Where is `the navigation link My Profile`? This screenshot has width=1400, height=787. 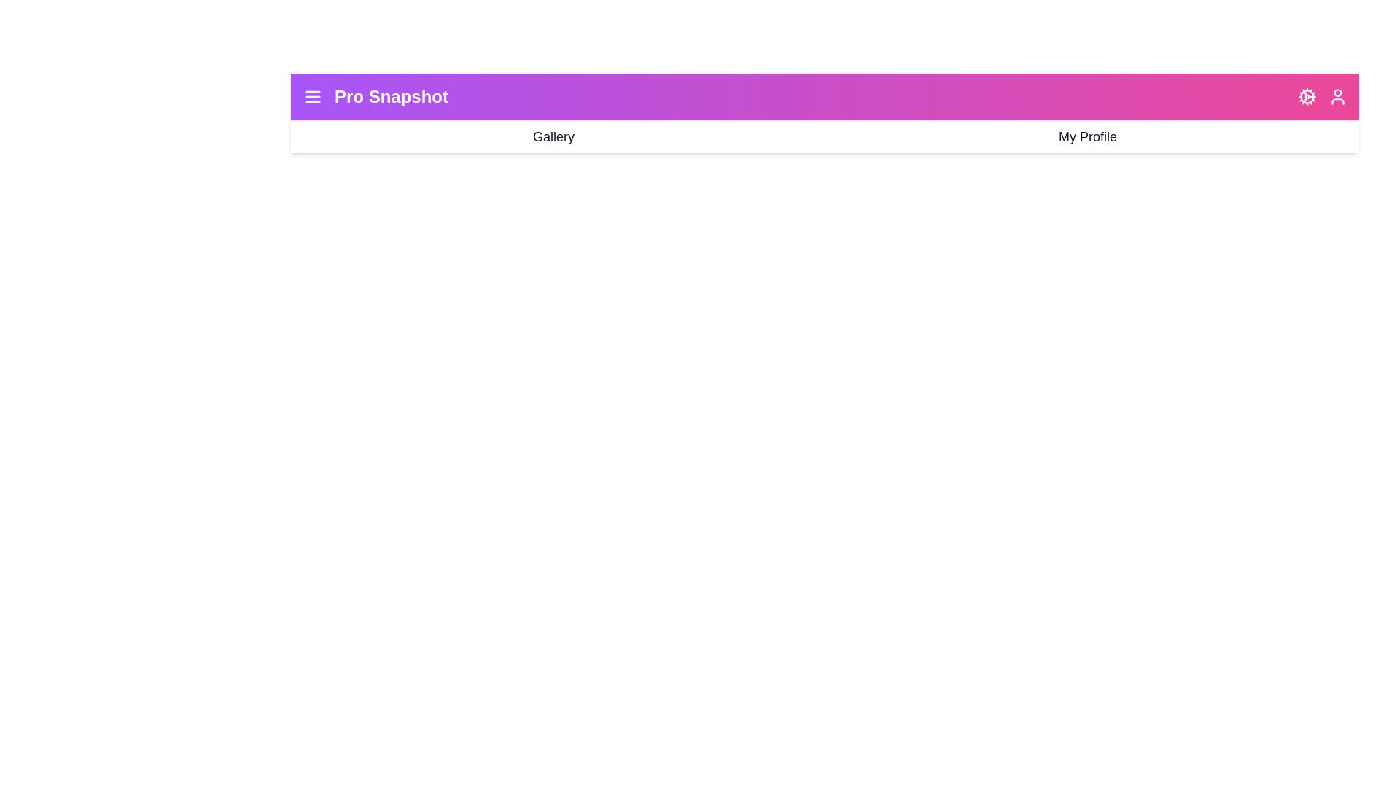 the navigation link My Profile is located at coordinates (1088, 137).